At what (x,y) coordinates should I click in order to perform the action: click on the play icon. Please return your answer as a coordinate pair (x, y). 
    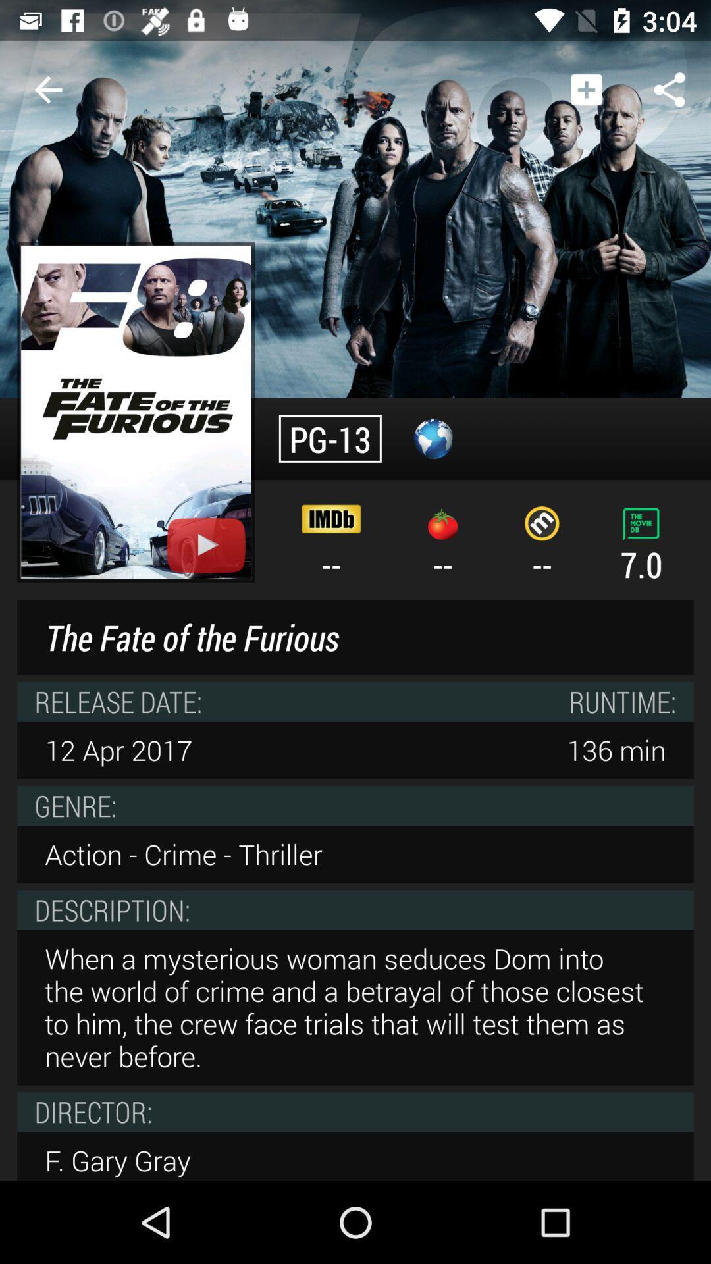
    Looking at the image, I should click on (206, 545).